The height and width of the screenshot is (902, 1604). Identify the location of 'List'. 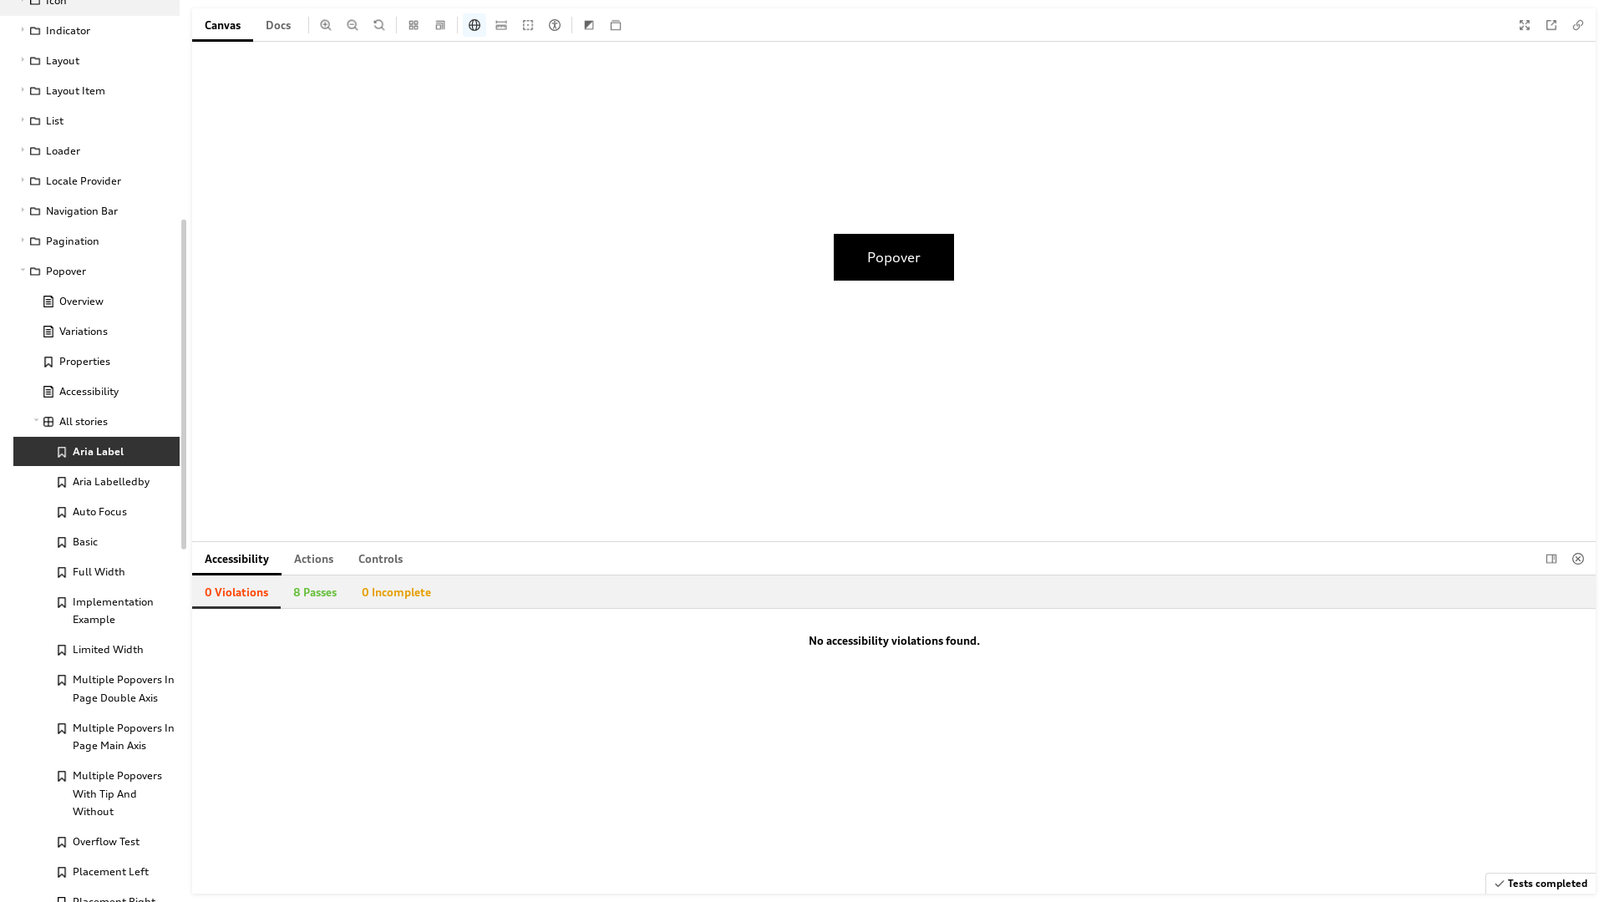
(89, 120).